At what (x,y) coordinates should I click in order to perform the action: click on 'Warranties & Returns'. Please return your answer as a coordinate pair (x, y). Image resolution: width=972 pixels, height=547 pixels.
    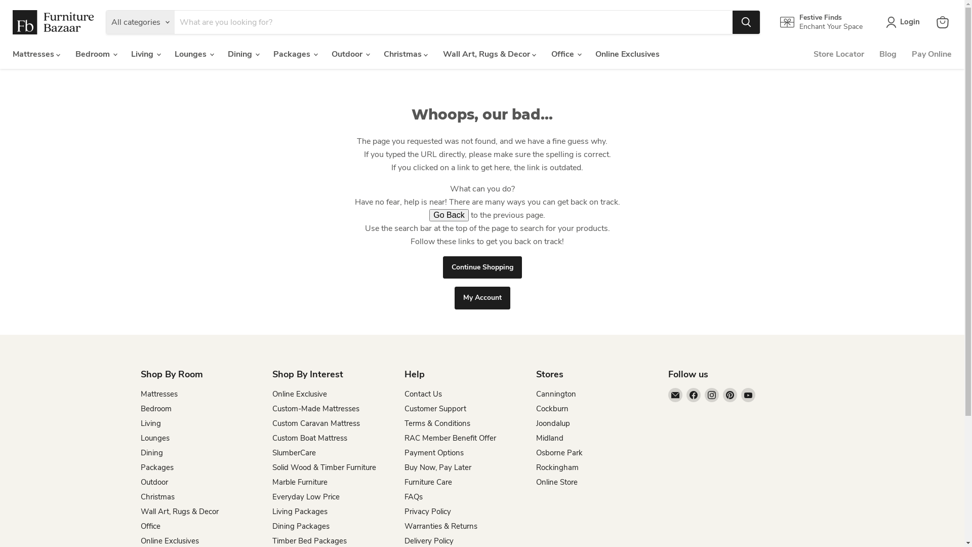
    Looking at the image, I should click on (440, 525).